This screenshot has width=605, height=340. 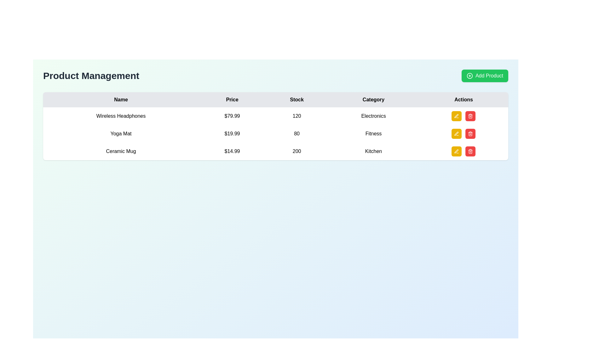 I want to click on and copy the text '120' from the table cell under the 'Stock' column for 'Wireless Headphones', so click(x=297, y=116).